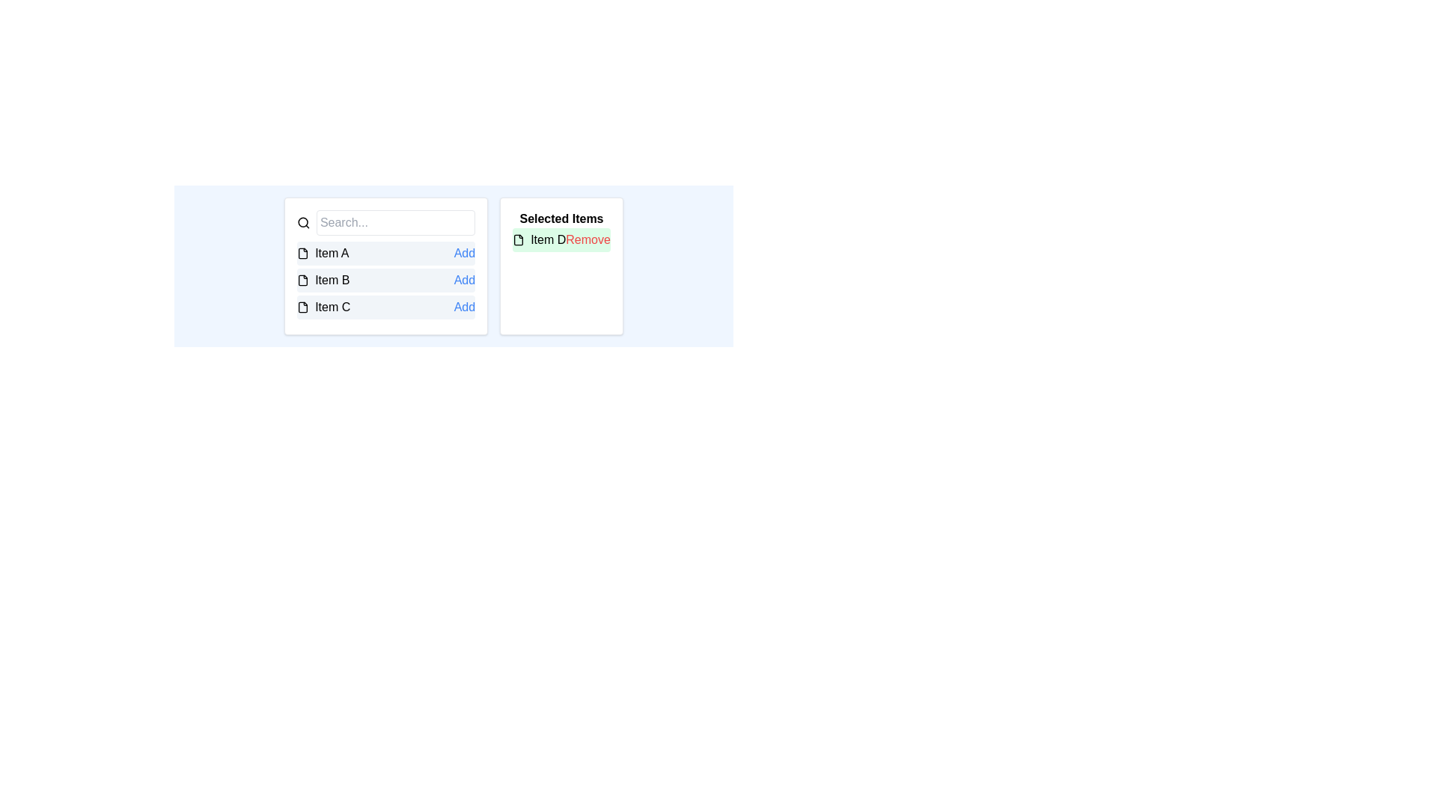  I want to click on the third 'Add' button next to 'Item C' to change its color, so click(463, 307).